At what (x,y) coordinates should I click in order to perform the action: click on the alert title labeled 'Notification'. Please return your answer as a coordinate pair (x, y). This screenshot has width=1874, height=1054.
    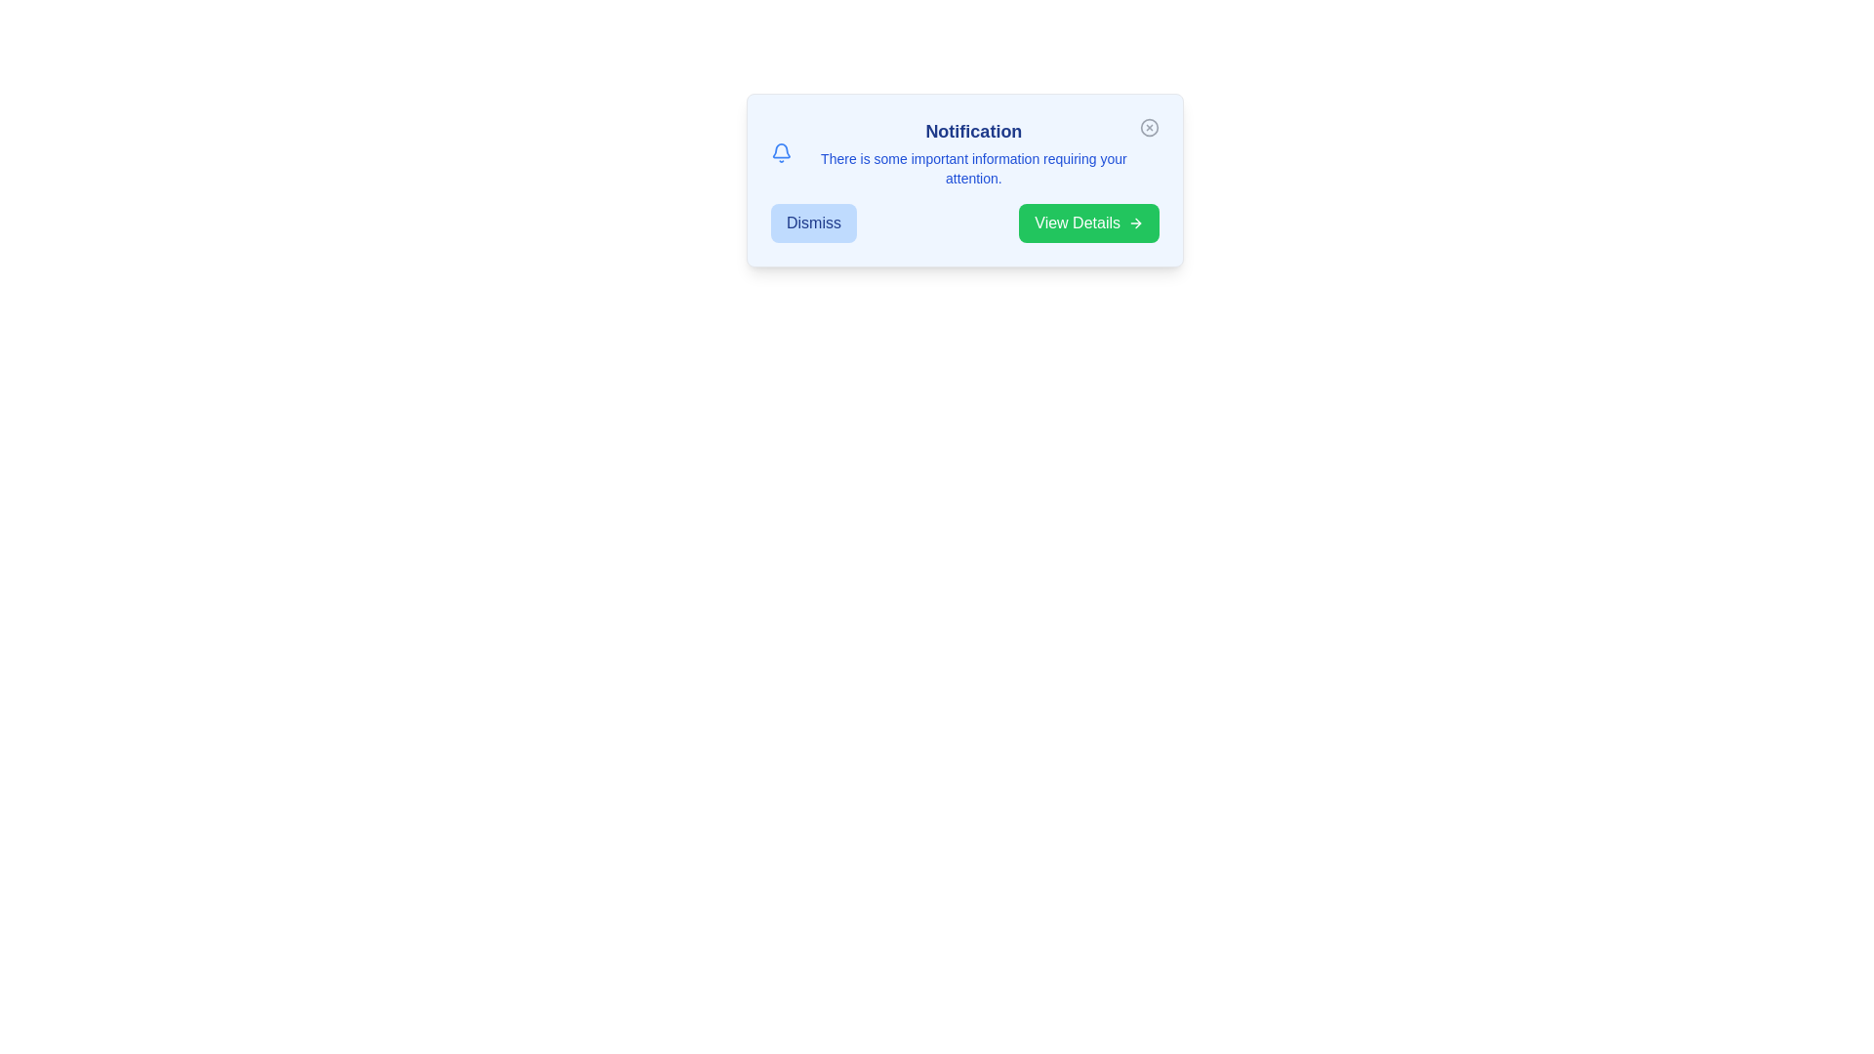
    Looking at the image, I should click on (973, 132).